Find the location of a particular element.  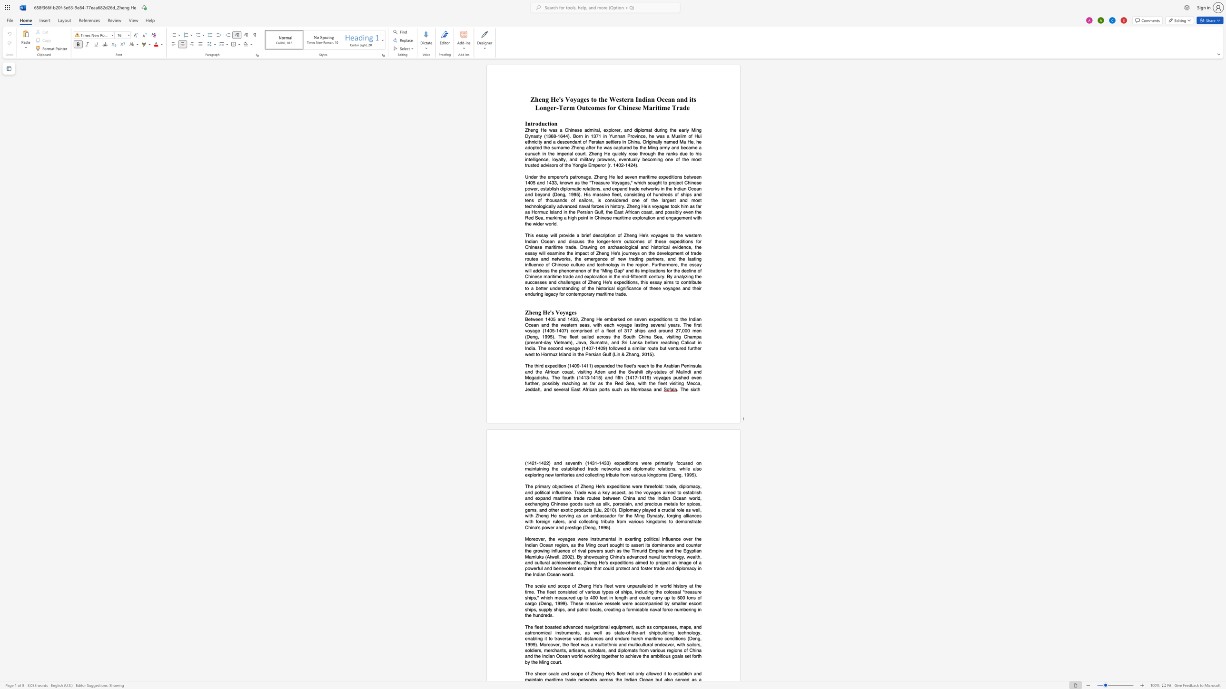

the subset text "ologically advan" within the text "diplomatic relations, and expand trade networks in the Indian Ocean and beyond (Deng, 1995). His massive fleet, consisting of hundreds of ships and tens of thousands of sailors, is considered one of the largest and most technologically advanced naval forces in history. Zheng He" is located at coordinates (536, 206).